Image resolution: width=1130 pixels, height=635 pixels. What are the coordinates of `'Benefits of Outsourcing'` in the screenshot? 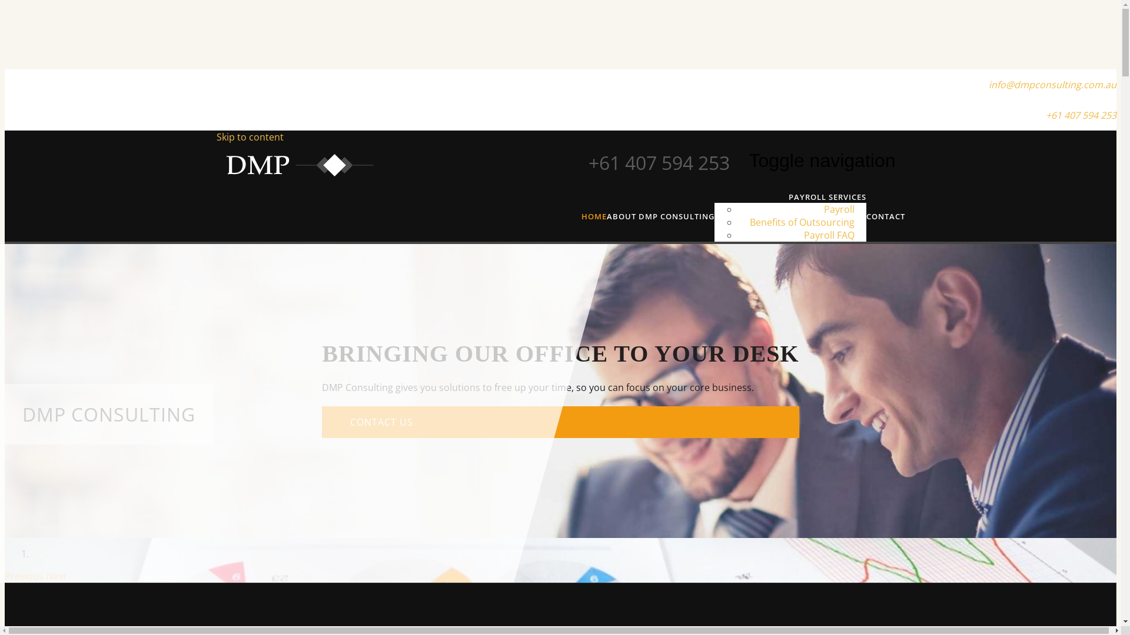 It's located at (802, 222).